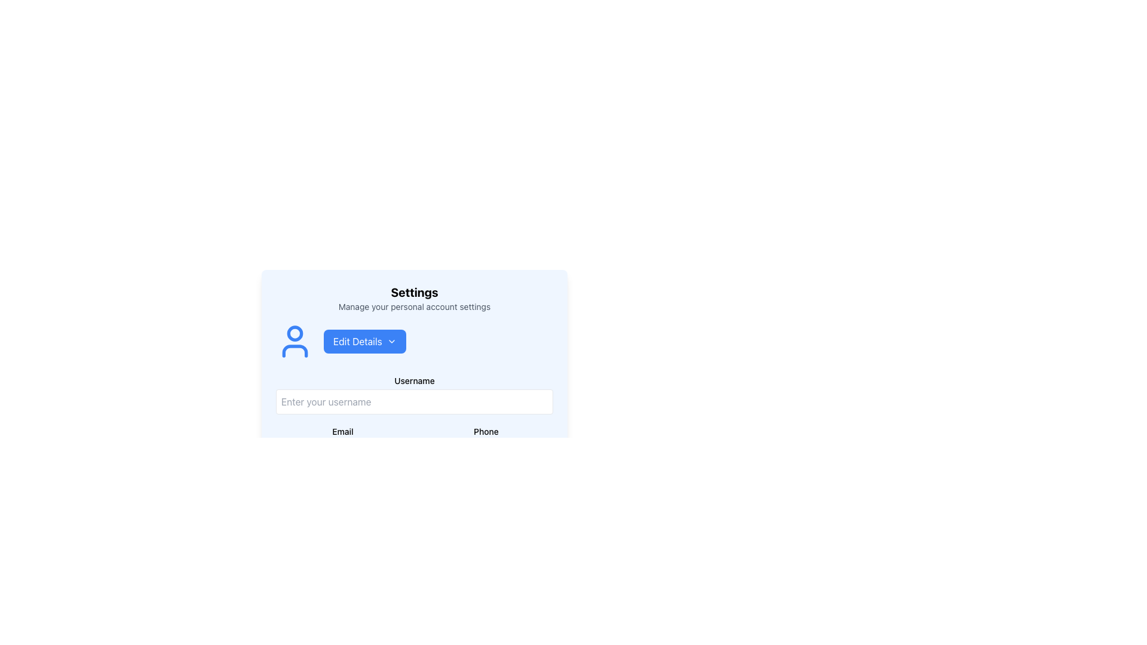  Describe the element at coordinates (364, 341) in the screenshot. I see `the button located on the left side of the settings section, adjacent to the circular user icon` at that location.